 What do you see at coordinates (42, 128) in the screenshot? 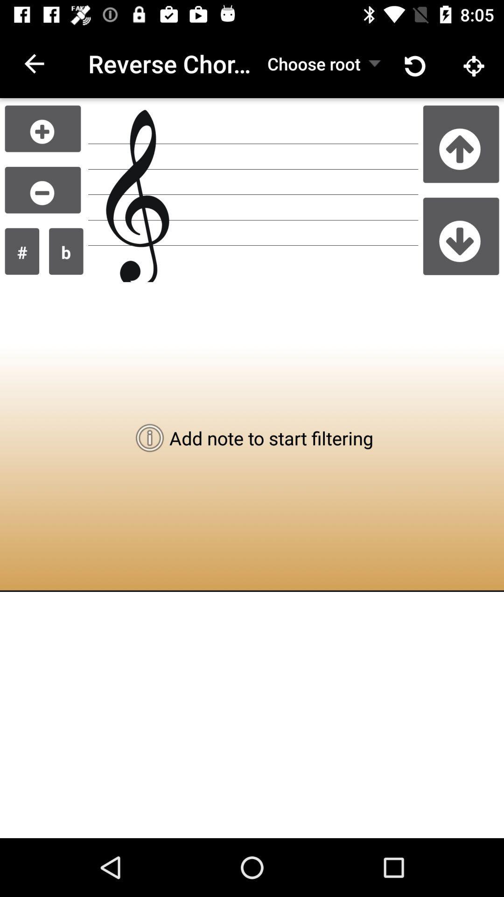
I see `notes` at bounding box center [42, 128].